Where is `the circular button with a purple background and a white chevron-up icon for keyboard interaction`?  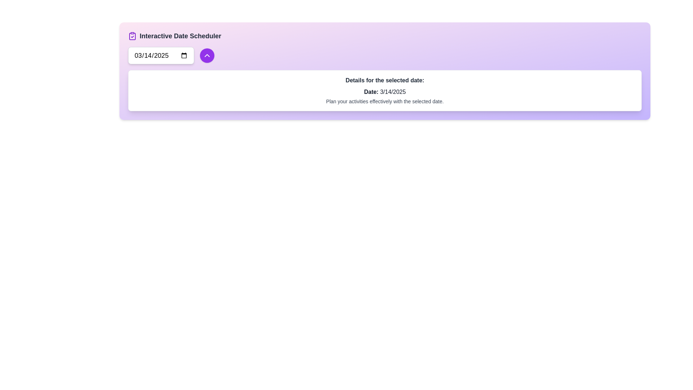
the circular button with a purple background and a white chevron-up icon for keyboard interaction is located at coordinates (207, 55).